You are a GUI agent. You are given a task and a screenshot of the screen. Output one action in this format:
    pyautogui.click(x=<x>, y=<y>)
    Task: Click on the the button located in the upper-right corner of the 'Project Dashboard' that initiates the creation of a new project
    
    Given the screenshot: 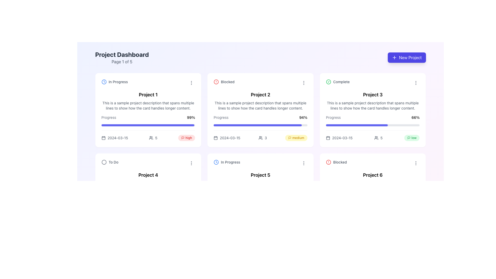 What is the action you would take?
    pyautogui.click(x=406, y=58)
    